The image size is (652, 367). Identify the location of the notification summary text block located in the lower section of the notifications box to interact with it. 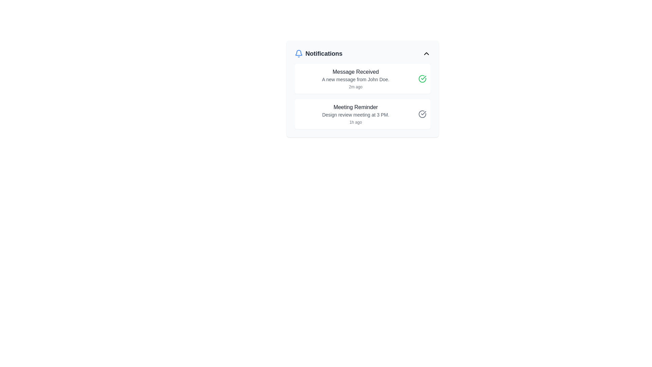
(355, 113).